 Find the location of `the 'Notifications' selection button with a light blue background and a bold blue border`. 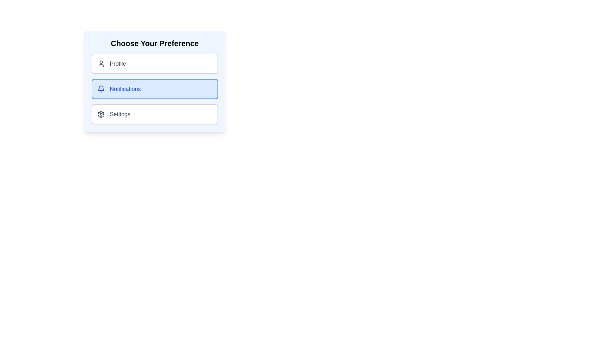

the 'Notifications' selection button with a light blue background and a bold blue border is located at coordinates (155, 89).